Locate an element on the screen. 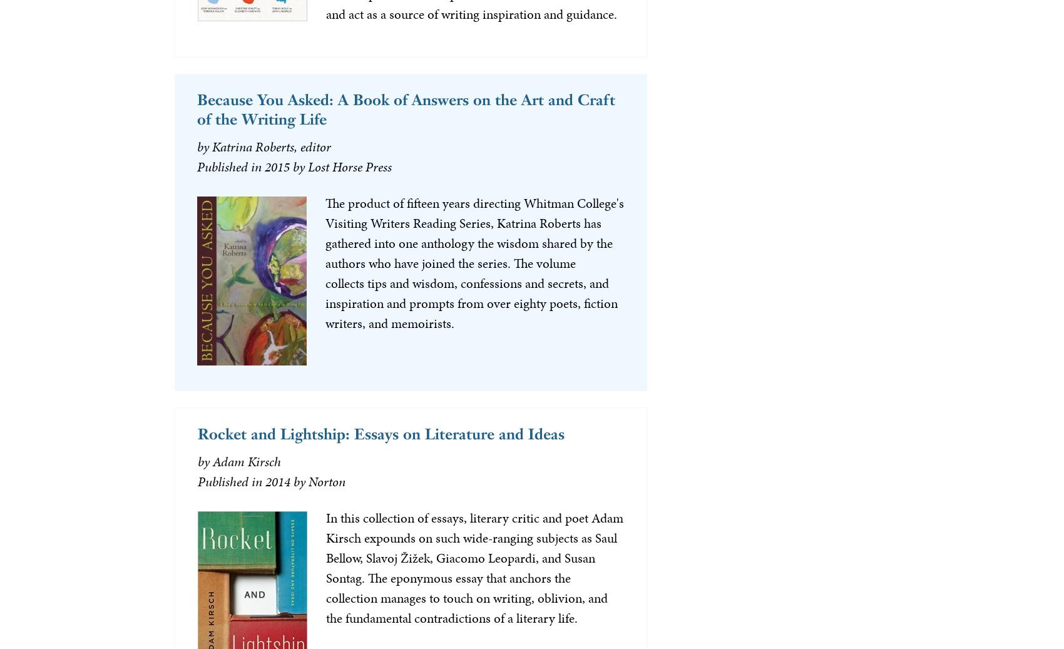 The image size is (1064, 649). 'Rocket and Lightship: Essays on Literature and Ideas' is located at coordinates (197, 433).